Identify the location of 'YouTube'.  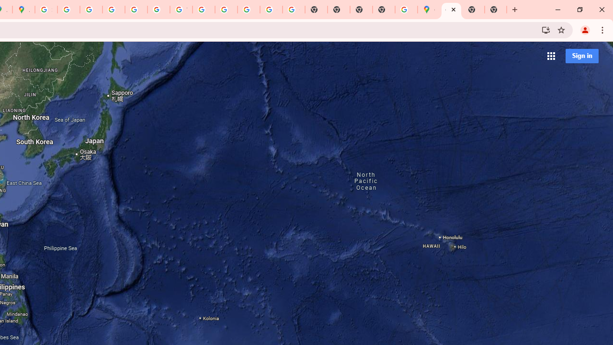
(181, 10).